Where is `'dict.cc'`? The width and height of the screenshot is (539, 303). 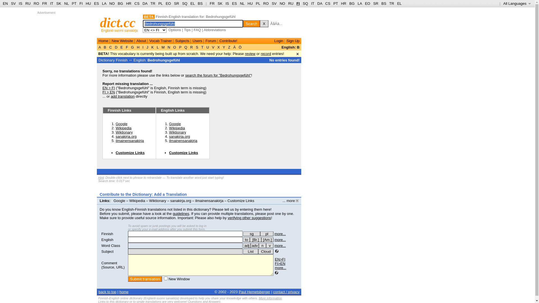 'dict.cc' is located at coordinates (117, 22).